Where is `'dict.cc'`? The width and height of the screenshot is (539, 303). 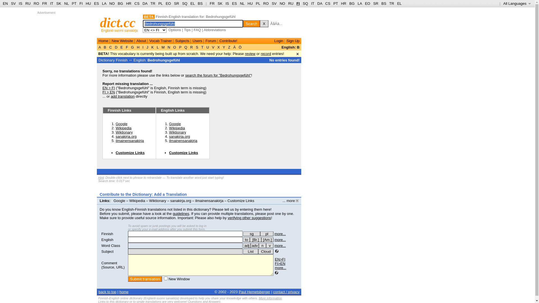 'dict.cc' is located at coordinates (117, 22).